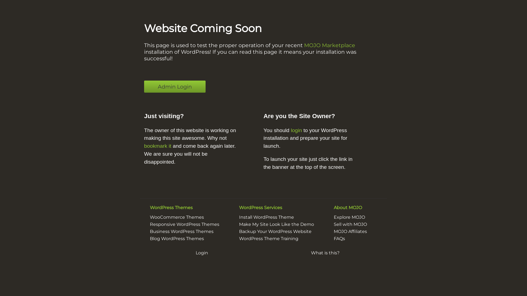 The image size is (527, 296). I want to click on 'What is this?', so click(325, 253).